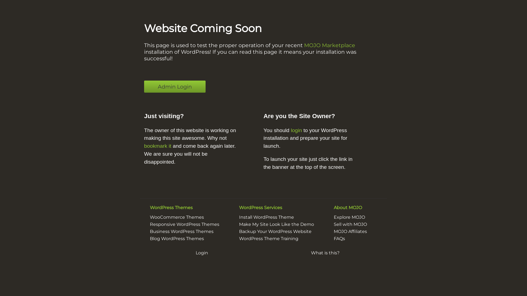 The image size is (527, 296). I want to click on 'What is this?', so click(325, 253).